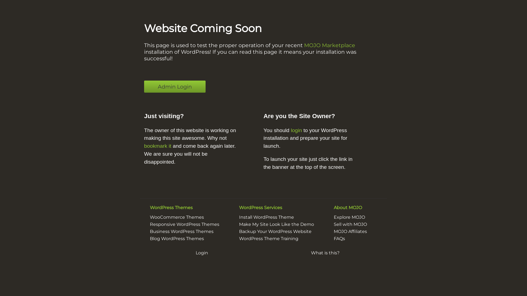 The image size is (527, 296). I want to click on 'What is this?', so click(325, 253).